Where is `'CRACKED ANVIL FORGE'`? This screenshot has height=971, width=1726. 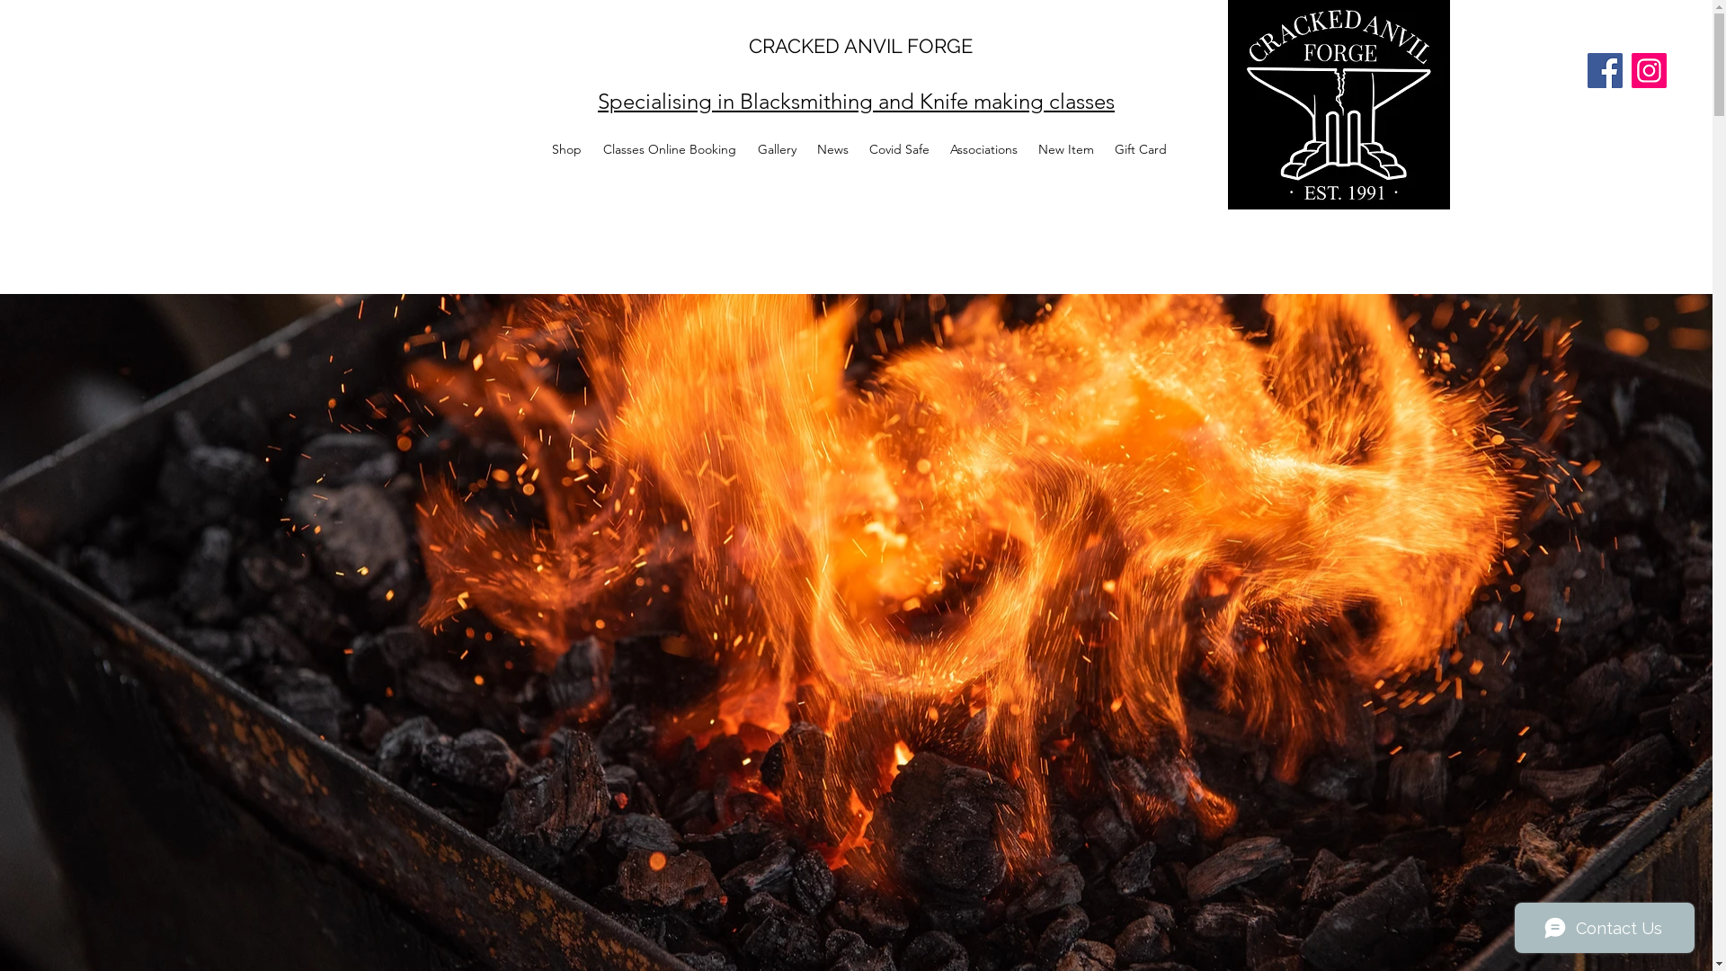 'CRACKED ANVIL FORGE' is located at coordinates (859, 44).